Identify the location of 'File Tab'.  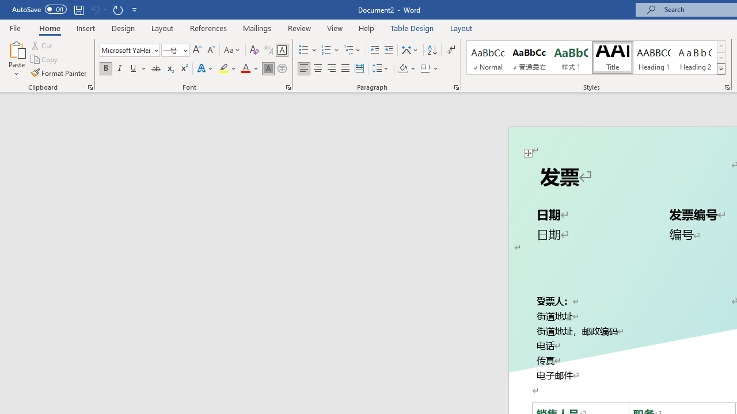
(15, 27).